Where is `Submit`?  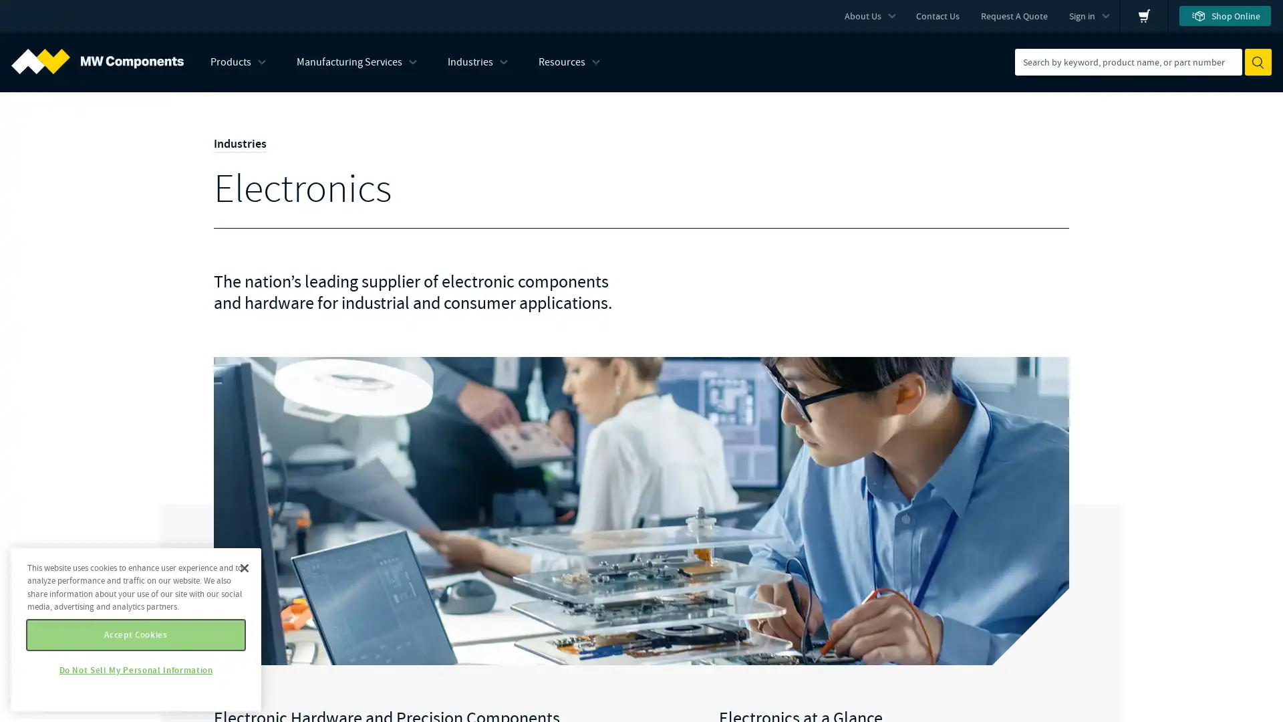
Submit is located at coordinates (1257, 62).